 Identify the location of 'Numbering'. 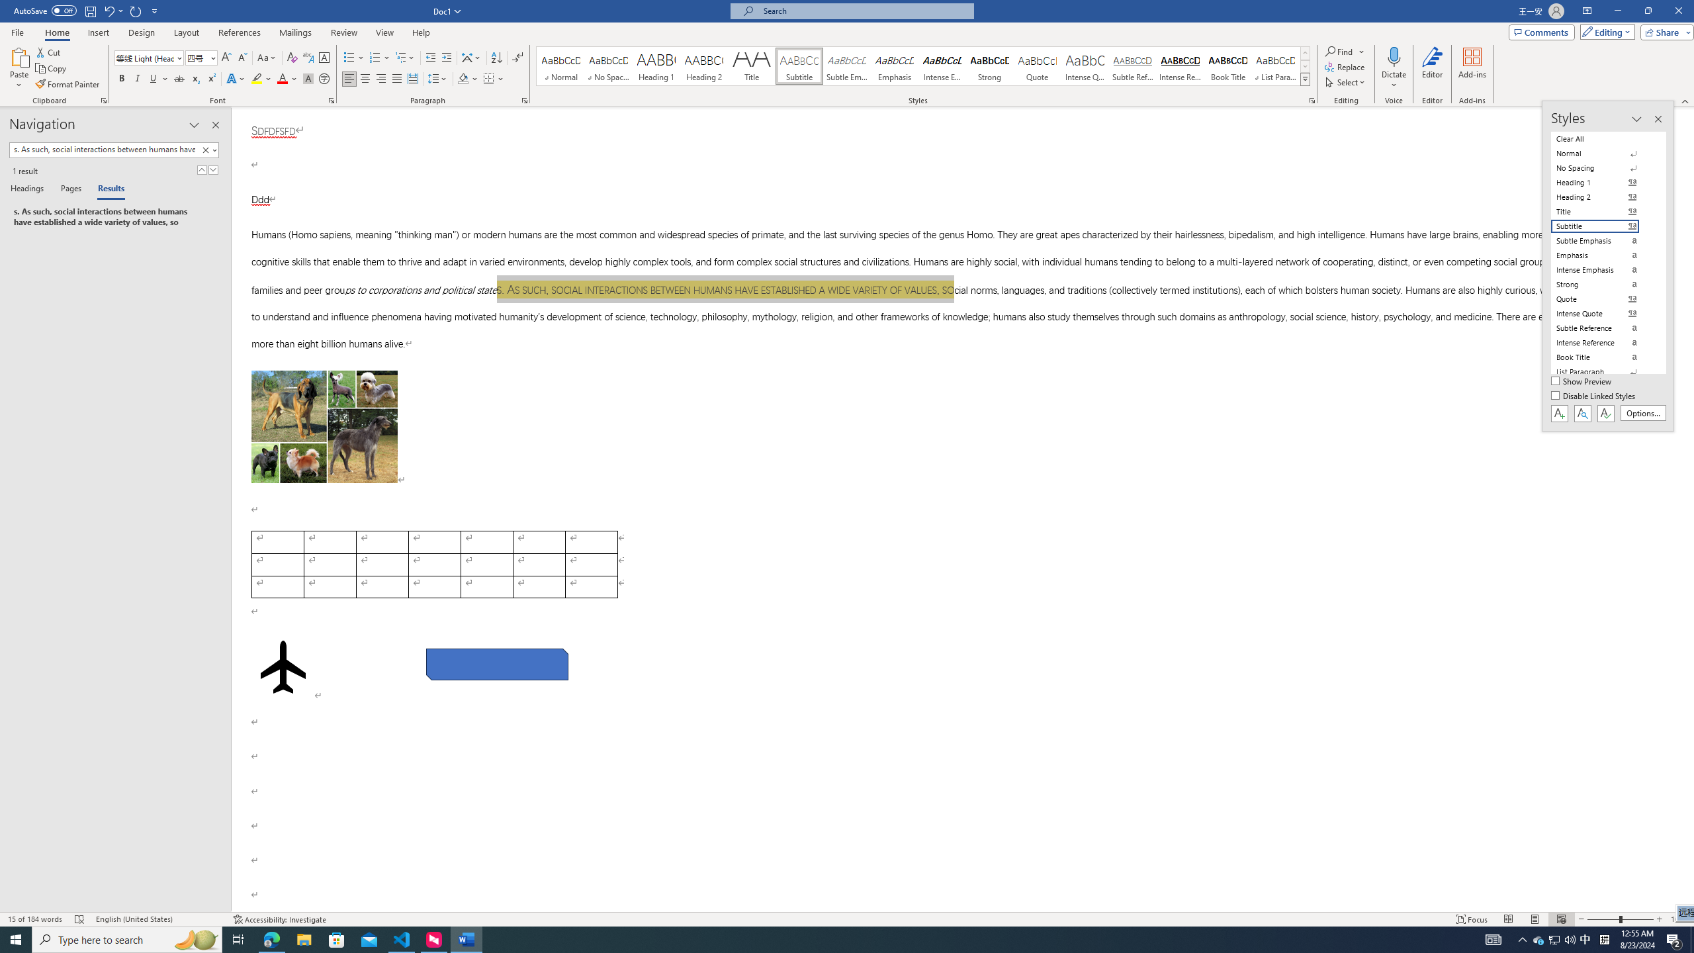
(380, 58).